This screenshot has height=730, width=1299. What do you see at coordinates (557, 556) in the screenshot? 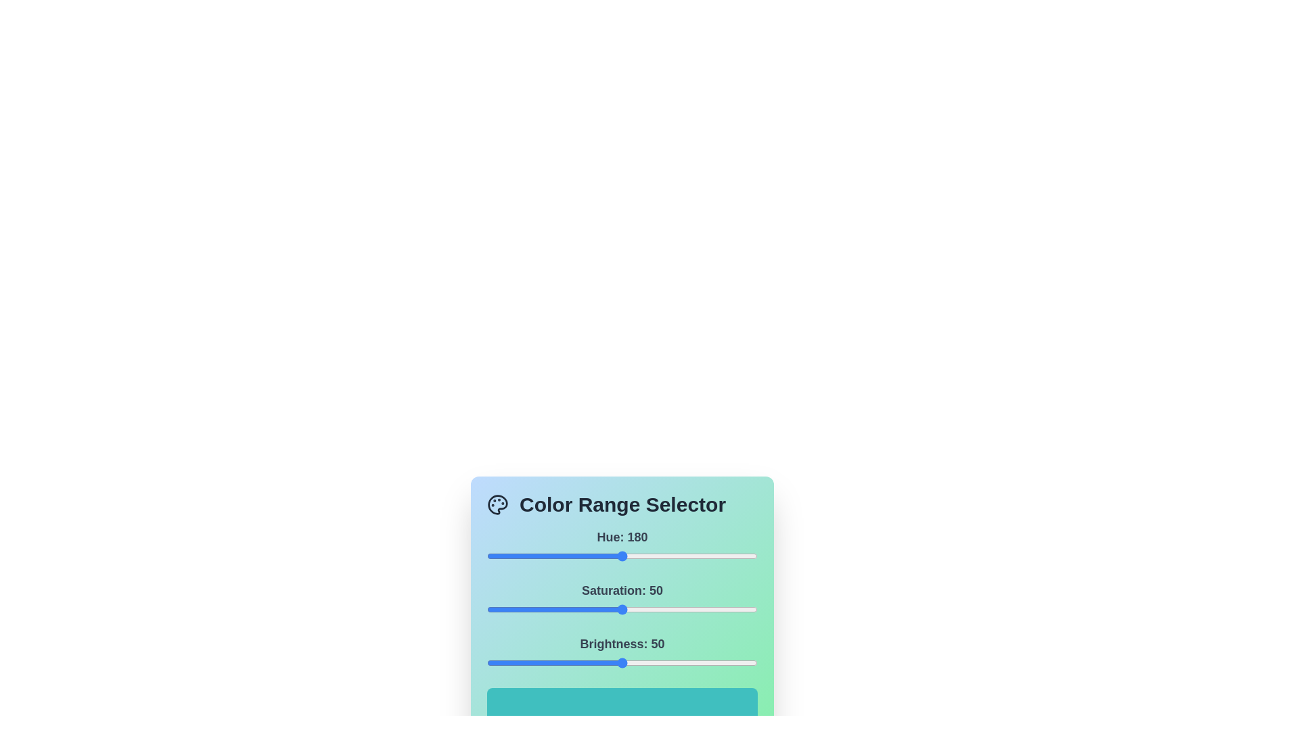
I see `the hue slider to set the hue value to 94` at bounding box center [557, 556].